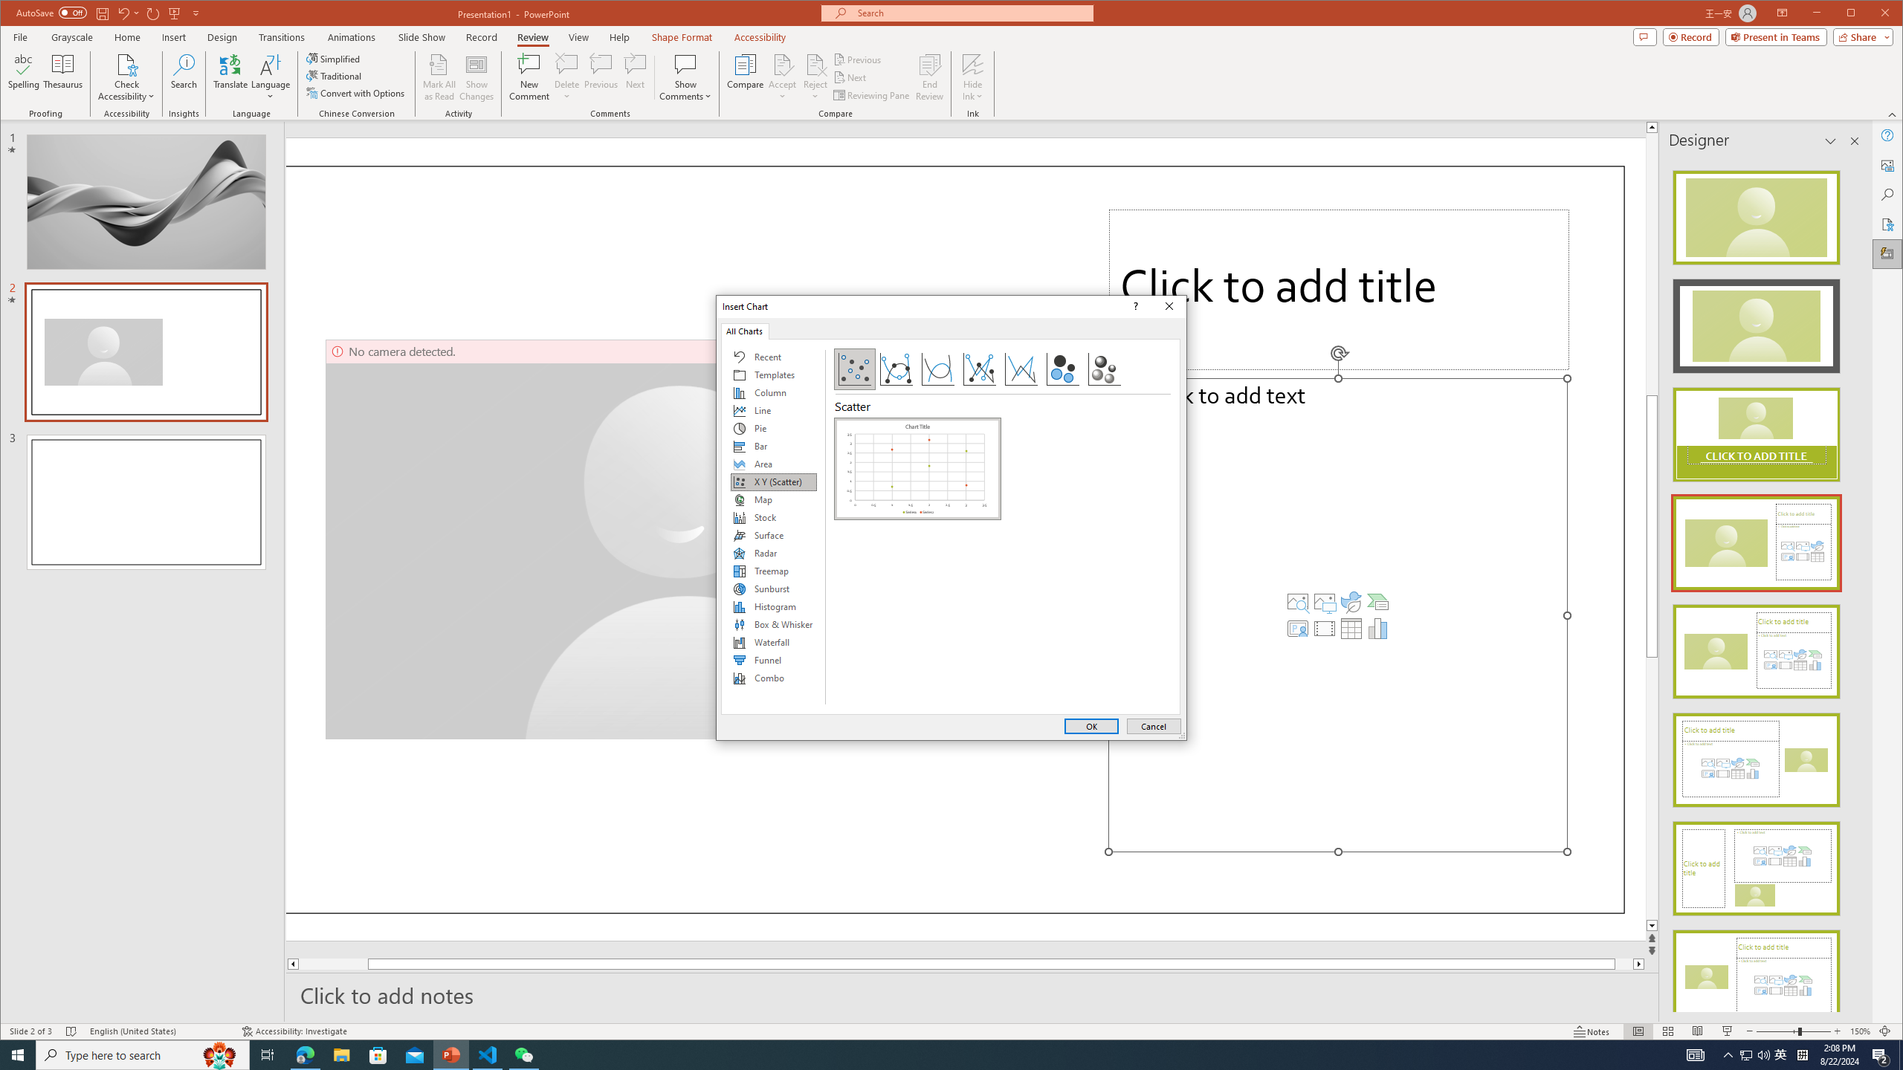 This screenshot has width=1903, height=1070. What do you see at coordinates (815, 63) in the screenshot?
I see `'Reject Change'` at bounding box center [815, 63].